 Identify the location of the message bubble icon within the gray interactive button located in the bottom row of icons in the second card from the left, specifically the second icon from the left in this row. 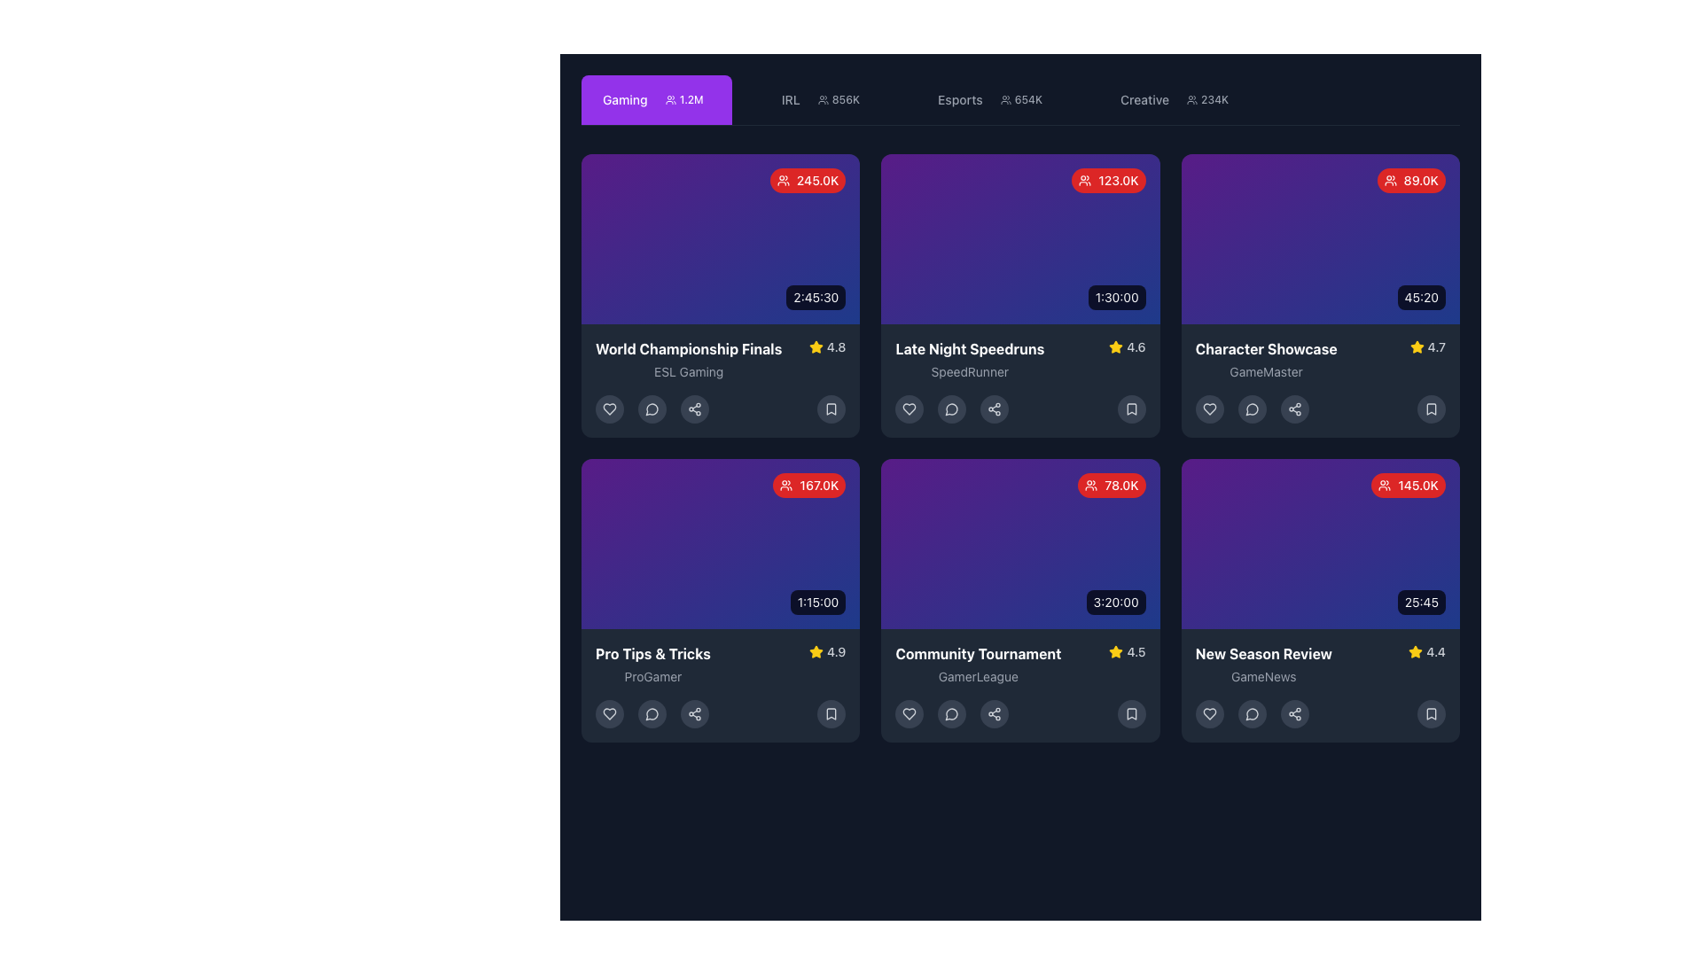
(651, 409).